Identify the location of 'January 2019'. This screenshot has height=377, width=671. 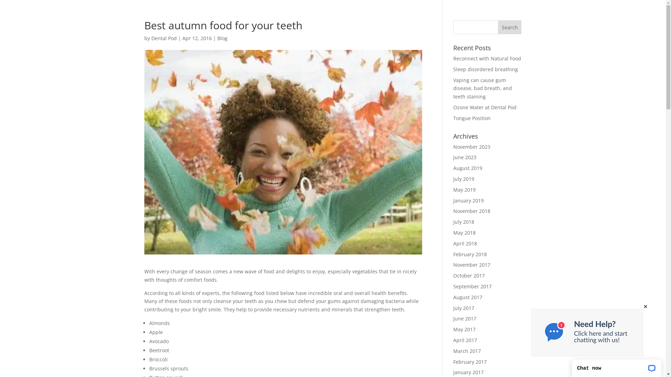
(468, 200).